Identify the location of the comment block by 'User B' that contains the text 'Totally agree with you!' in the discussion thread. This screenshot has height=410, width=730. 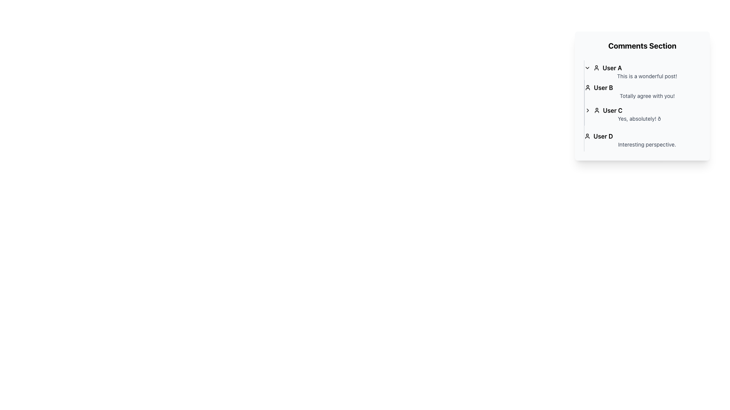
(642, 91).